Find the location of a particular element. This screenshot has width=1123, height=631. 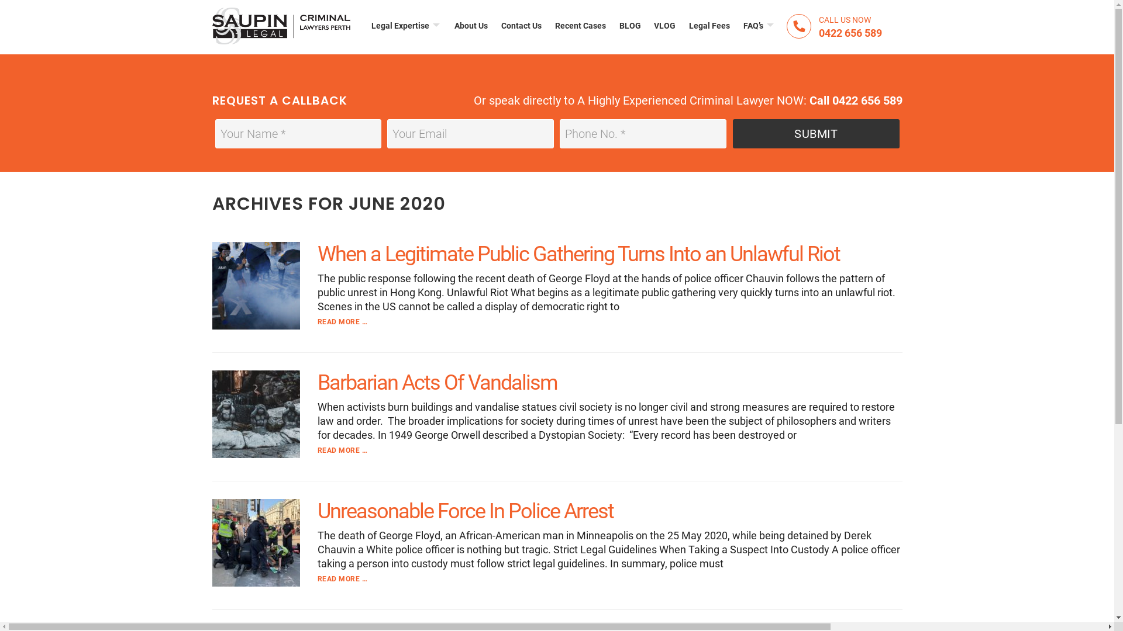

'About Us' is located at coordinates (471, 25).